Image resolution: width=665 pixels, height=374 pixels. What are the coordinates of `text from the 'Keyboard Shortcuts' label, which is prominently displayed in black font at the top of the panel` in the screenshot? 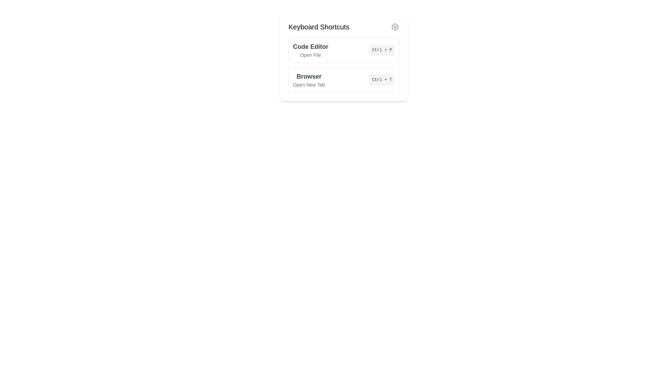 It's located at (318, 26).